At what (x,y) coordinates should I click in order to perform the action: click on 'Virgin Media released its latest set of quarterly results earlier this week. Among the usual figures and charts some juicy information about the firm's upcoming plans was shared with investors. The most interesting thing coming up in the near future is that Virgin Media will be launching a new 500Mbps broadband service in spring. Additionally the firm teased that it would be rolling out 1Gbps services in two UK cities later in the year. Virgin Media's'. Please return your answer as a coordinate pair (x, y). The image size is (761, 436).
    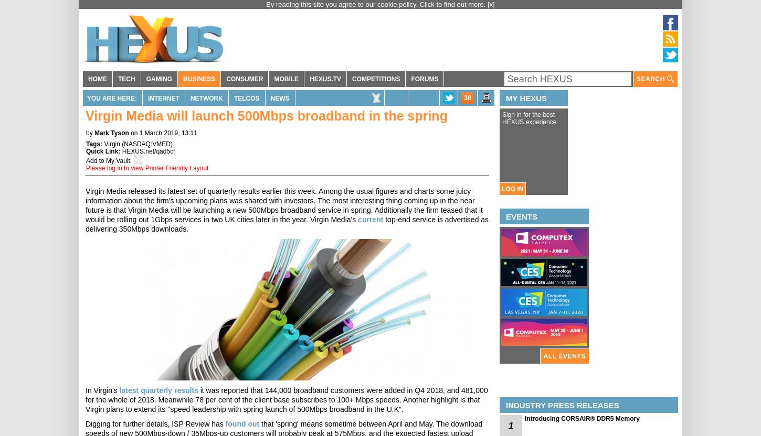
    Looking at the image, I should click on (283, 205).